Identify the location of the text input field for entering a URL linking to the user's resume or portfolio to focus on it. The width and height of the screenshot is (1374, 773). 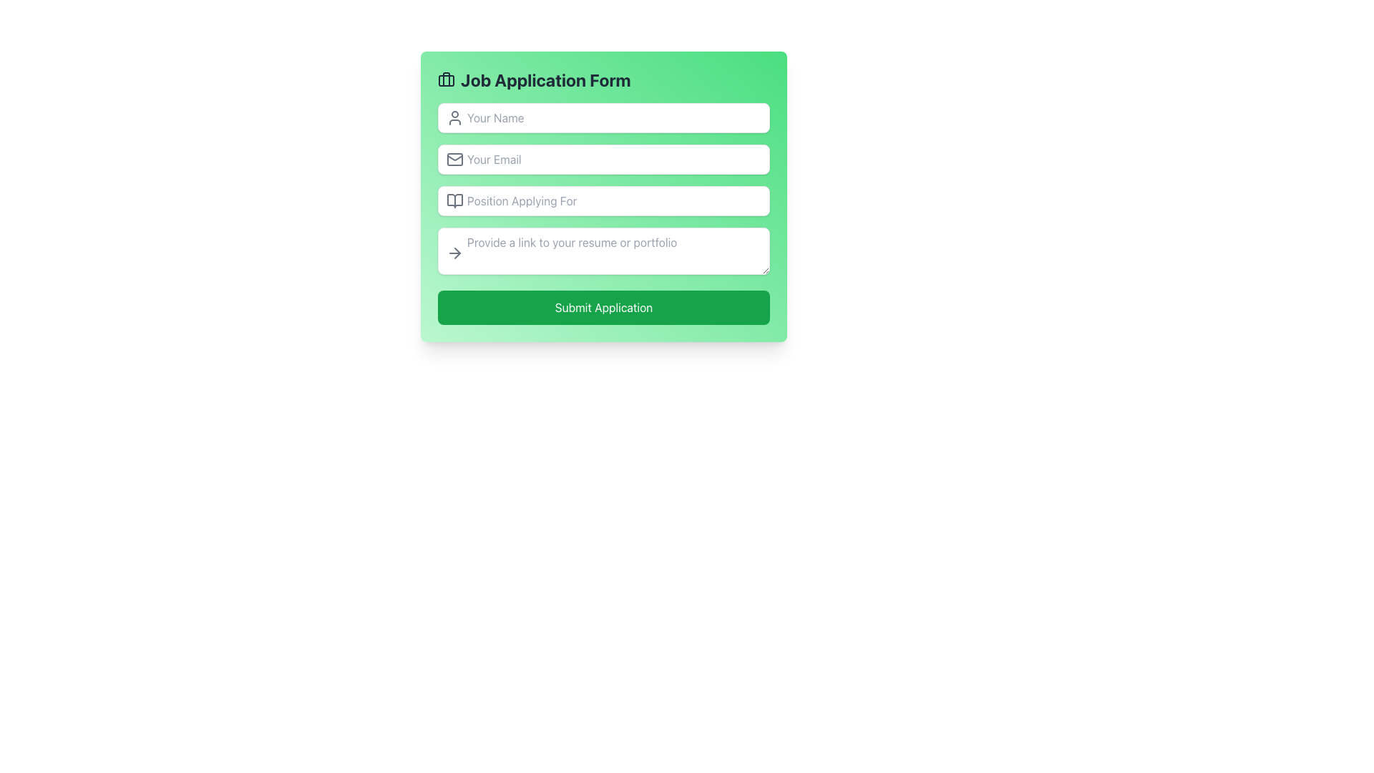
(604, 253).